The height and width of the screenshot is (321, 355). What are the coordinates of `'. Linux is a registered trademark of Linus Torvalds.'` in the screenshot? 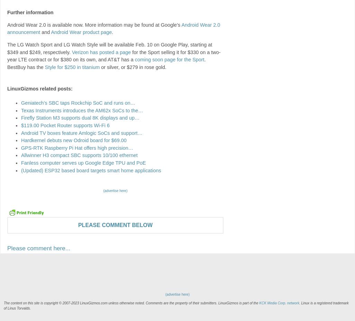 It's located at (175, 306).